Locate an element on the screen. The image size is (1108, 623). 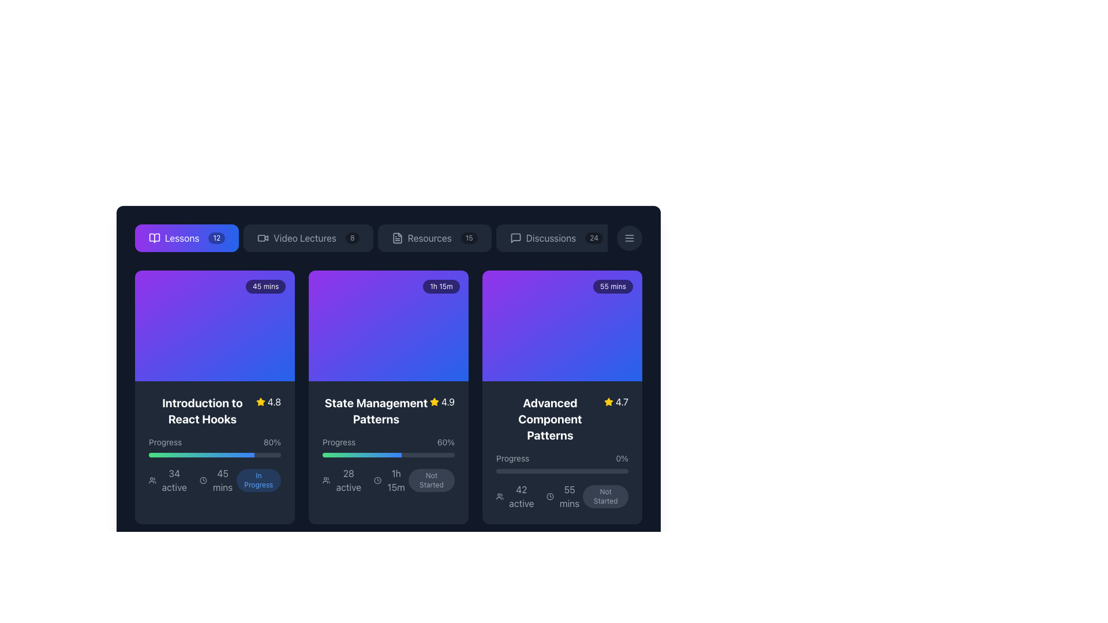
the user activity icon located at the bottom left of the 'Advanced Component Patterns' card, which visually represents active users and aligns with the text '42 active.' is located at coordinates (500, 496).